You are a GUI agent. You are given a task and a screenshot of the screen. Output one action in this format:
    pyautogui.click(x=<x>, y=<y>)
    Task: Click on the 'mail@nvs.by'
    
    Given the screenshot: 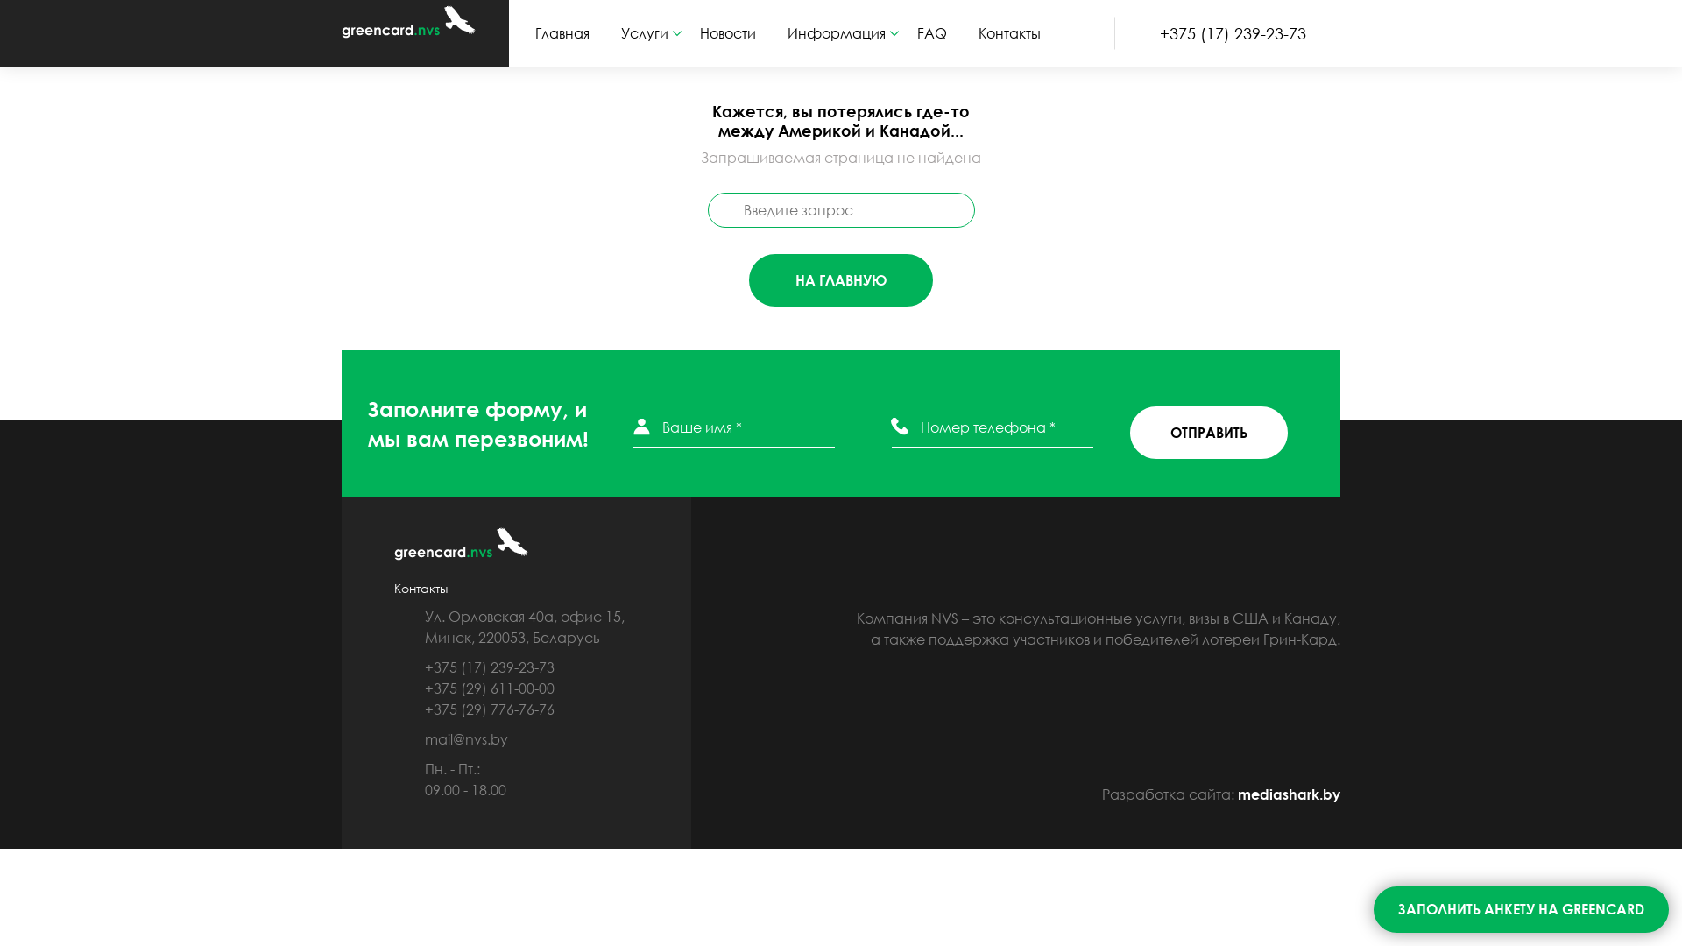 What is the action you would take?
    pyautogui.click(x=524, y=743)
    